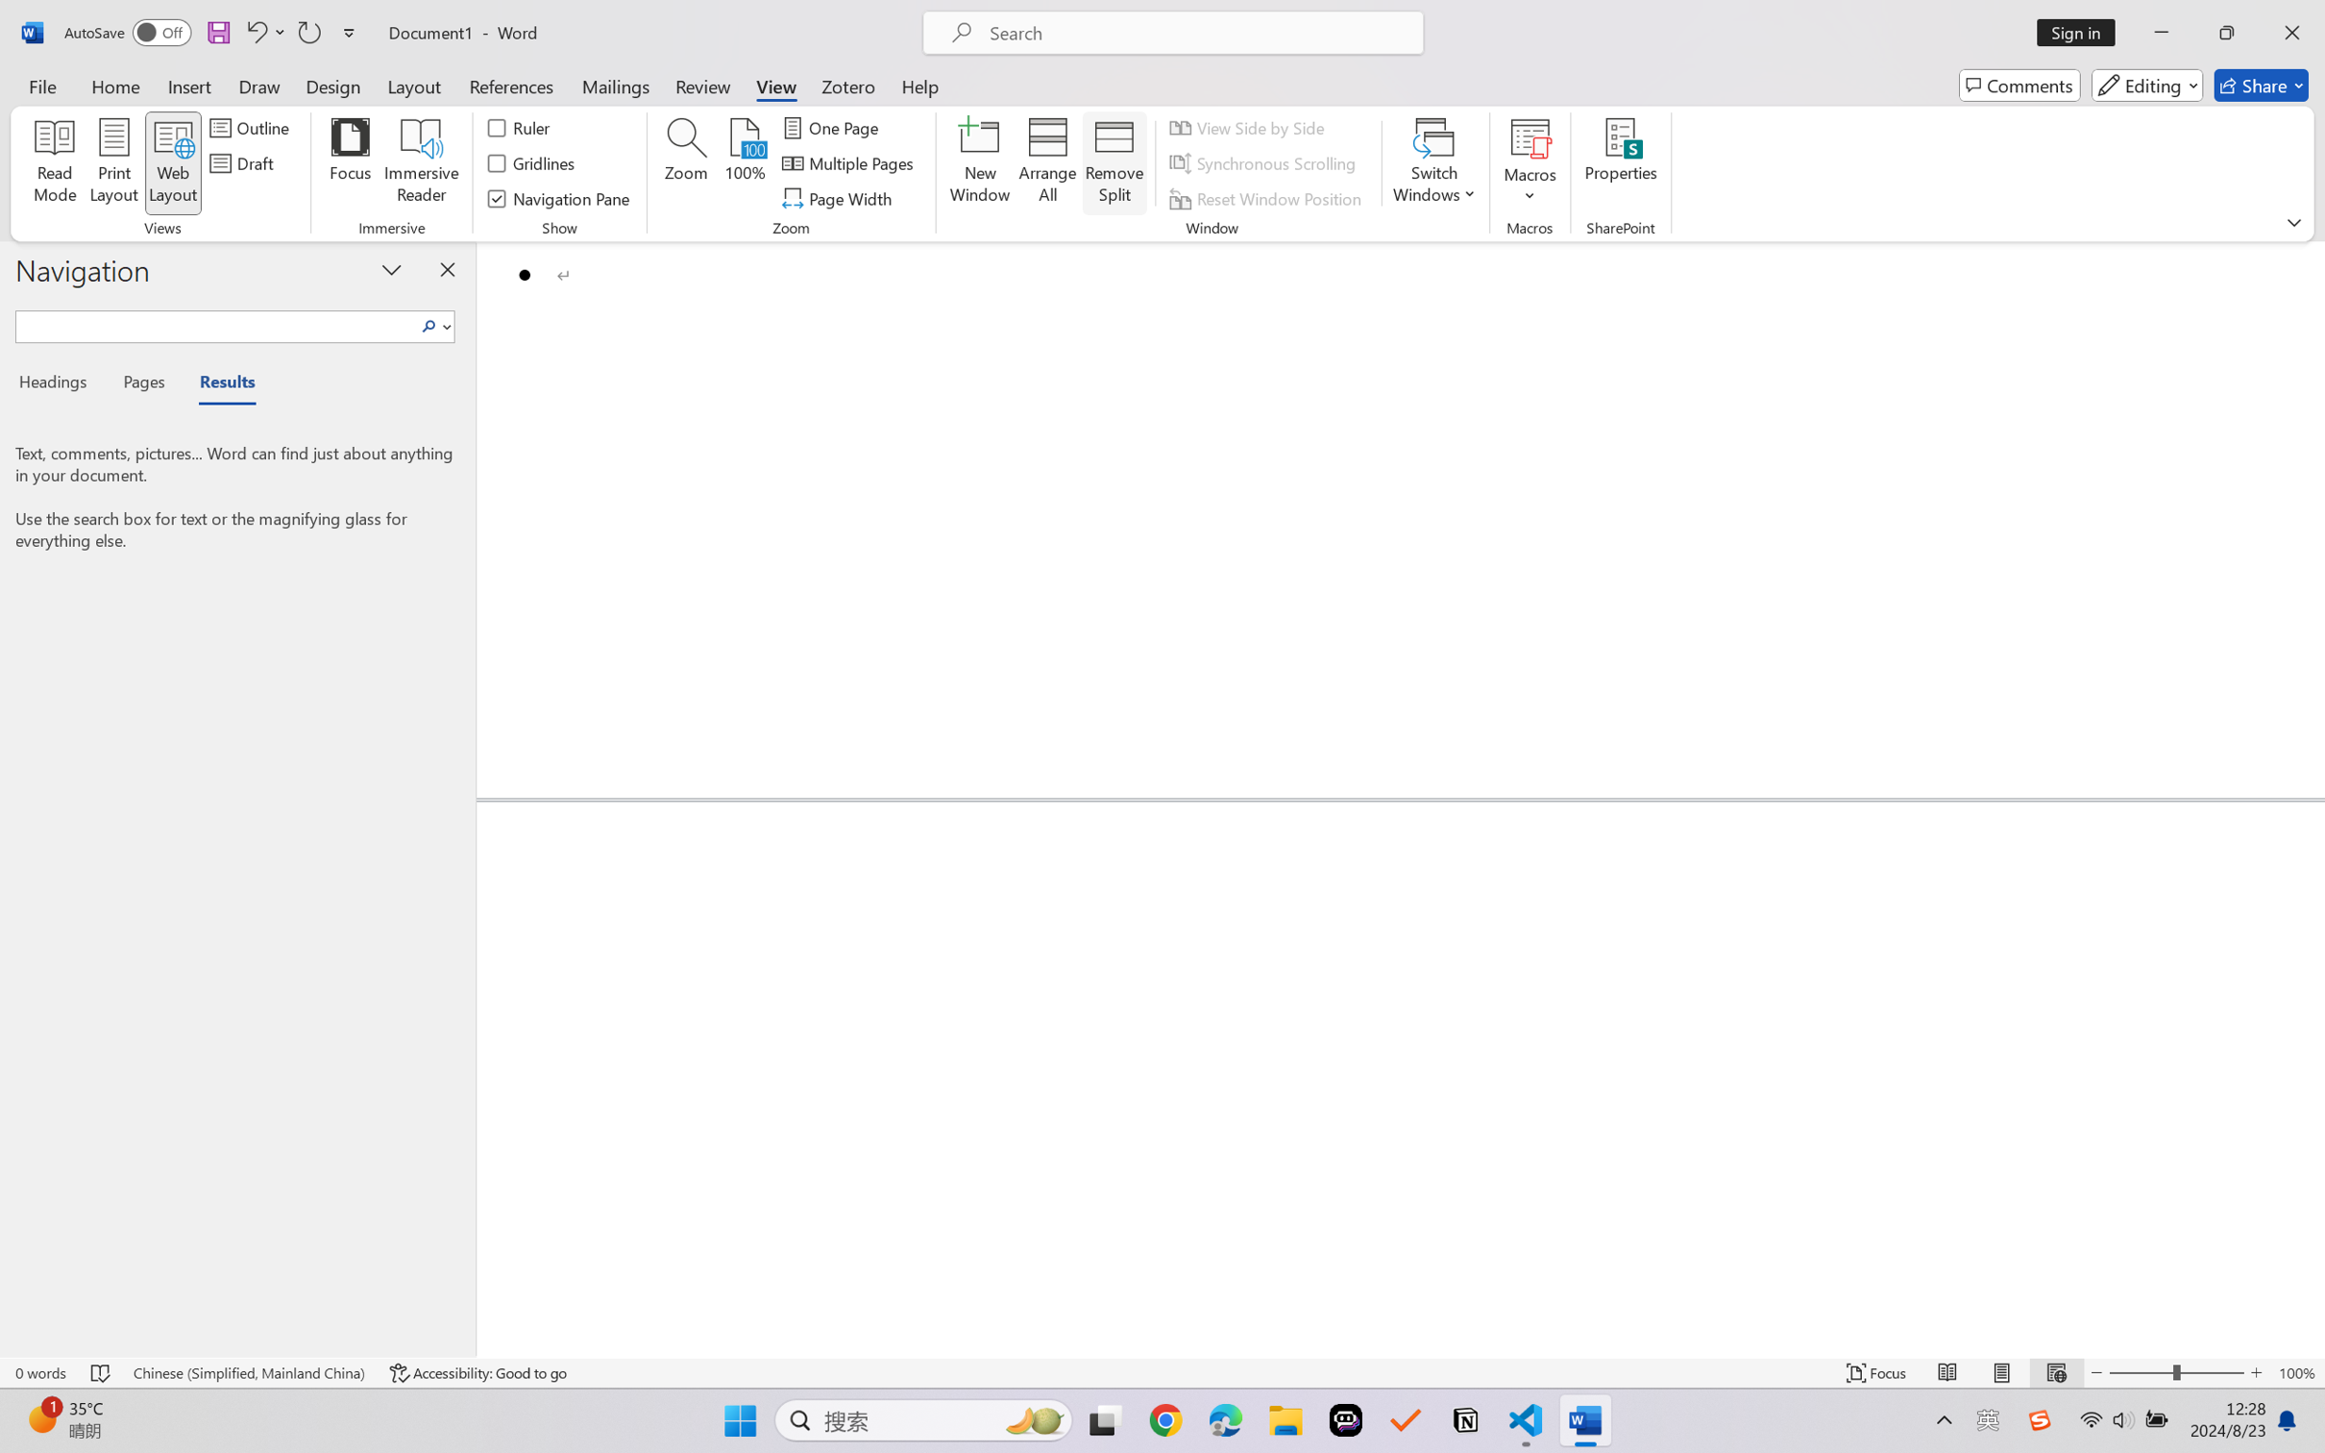 The image size is (2325, 1453). I want to click on 'Properties', so click(1620, 163).